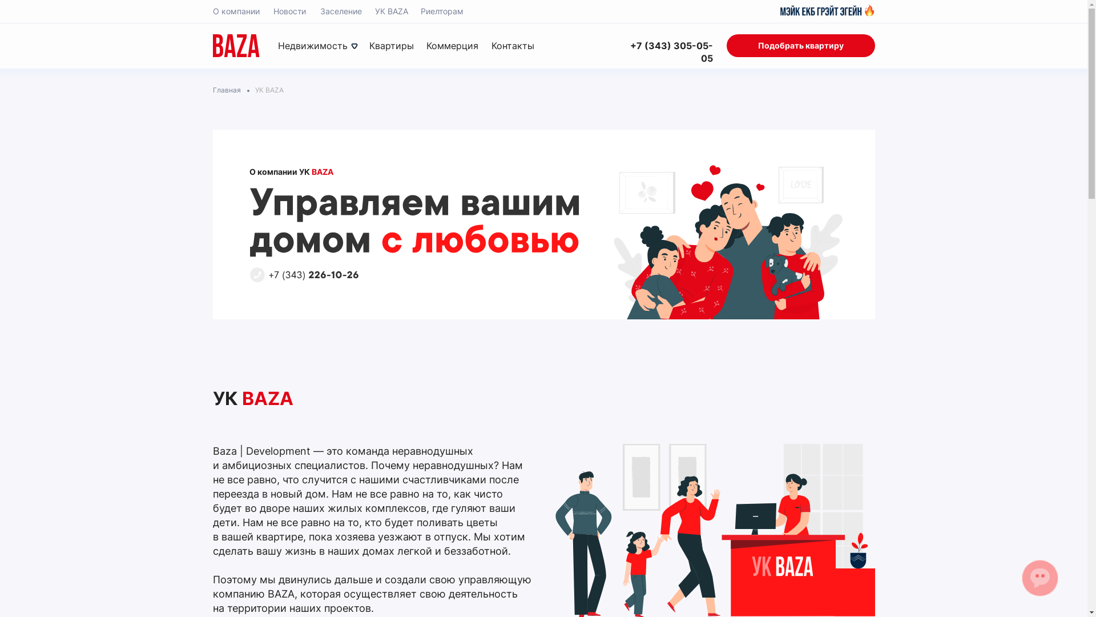 Image resolution: width=1096 pixels, height=617 pixels. I want to click on '+7 (343) 305-05-05', so click(666, 52).